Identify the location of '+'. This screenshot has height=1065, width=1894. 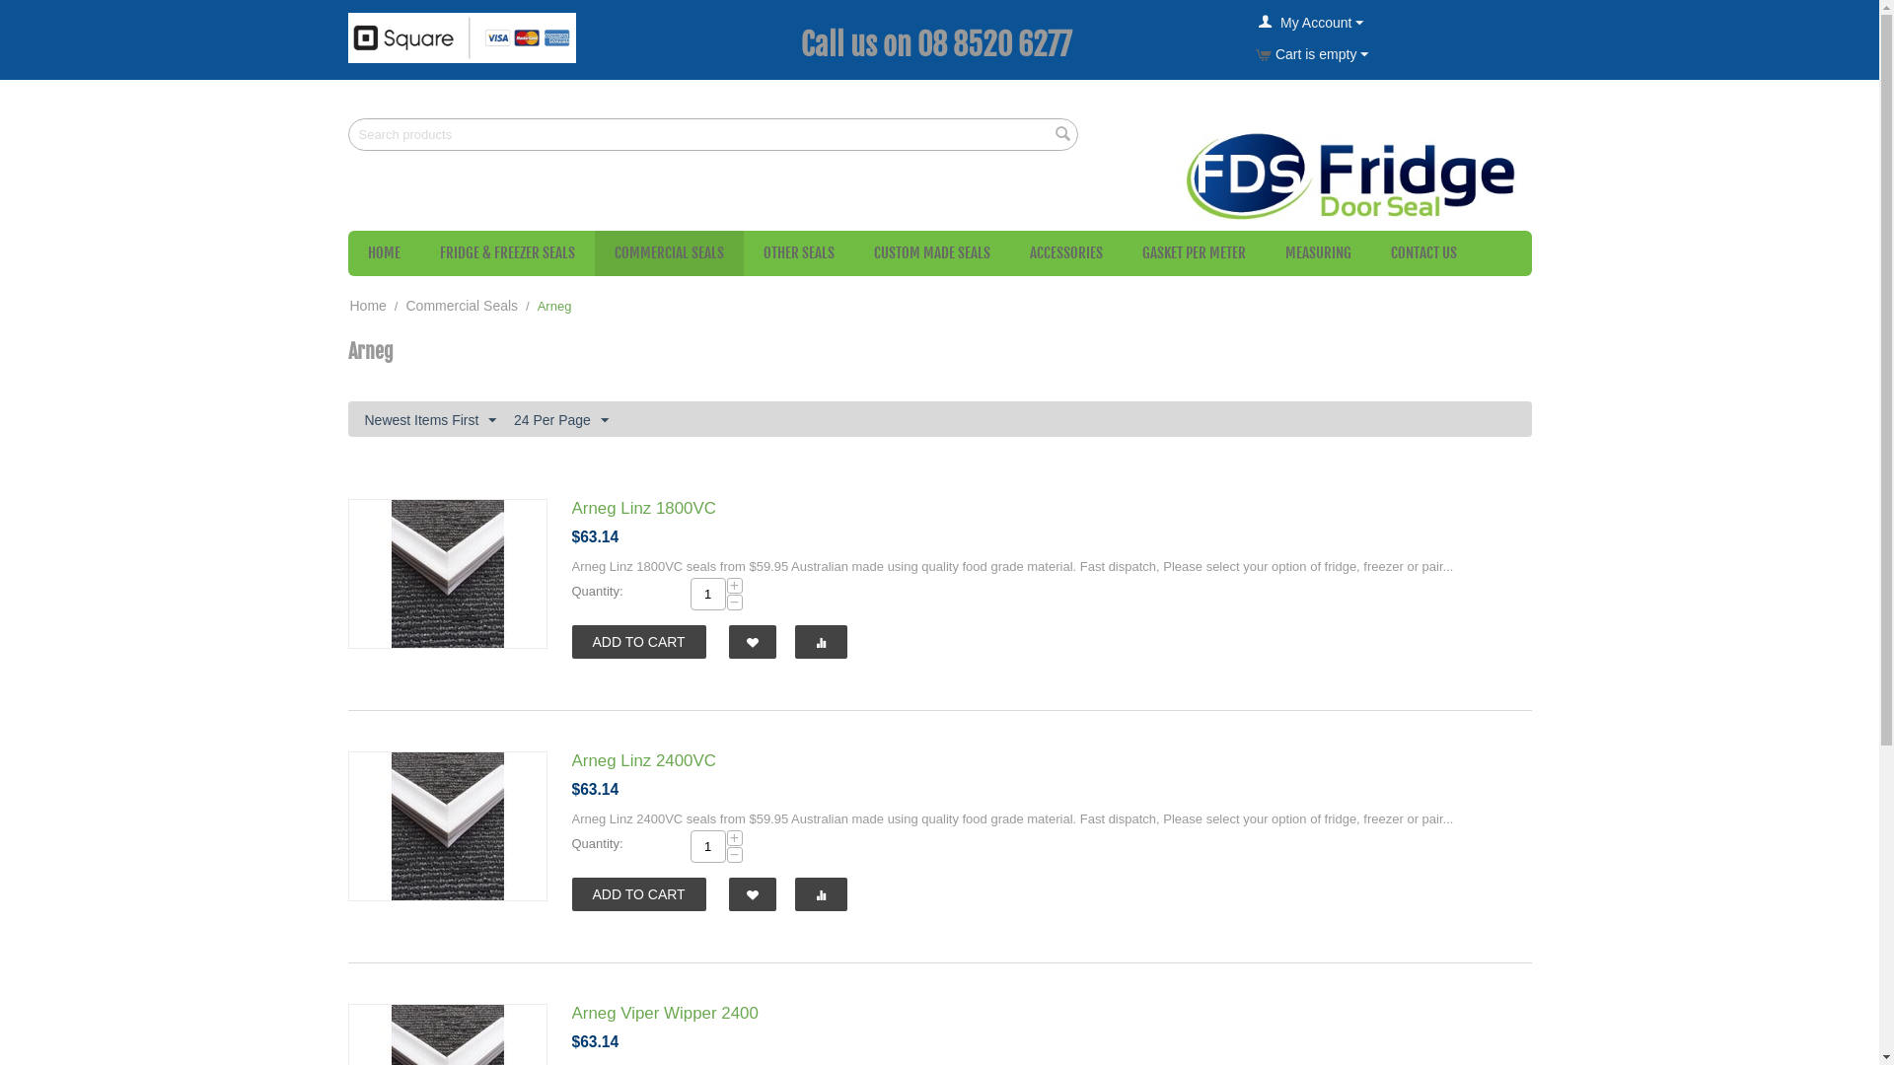
(724, 837).